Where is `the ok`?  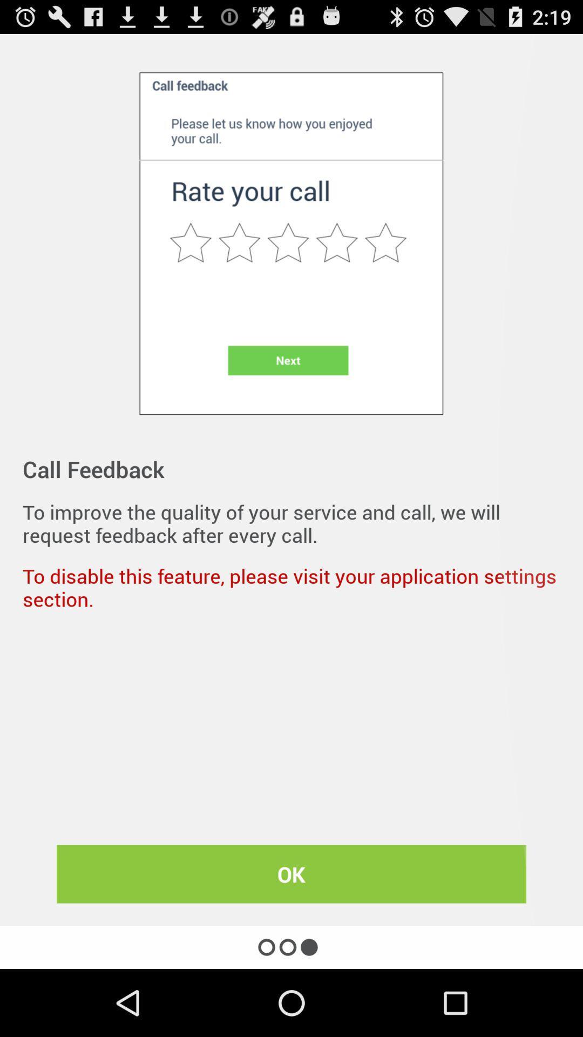 the ok is located at coordinates (291, 874).